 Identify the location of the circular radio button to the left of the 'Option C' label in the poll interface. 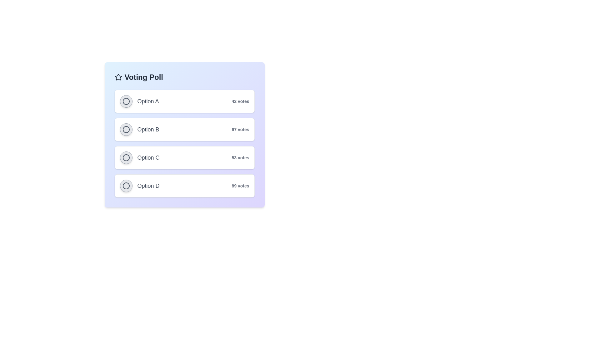
(126, 157).